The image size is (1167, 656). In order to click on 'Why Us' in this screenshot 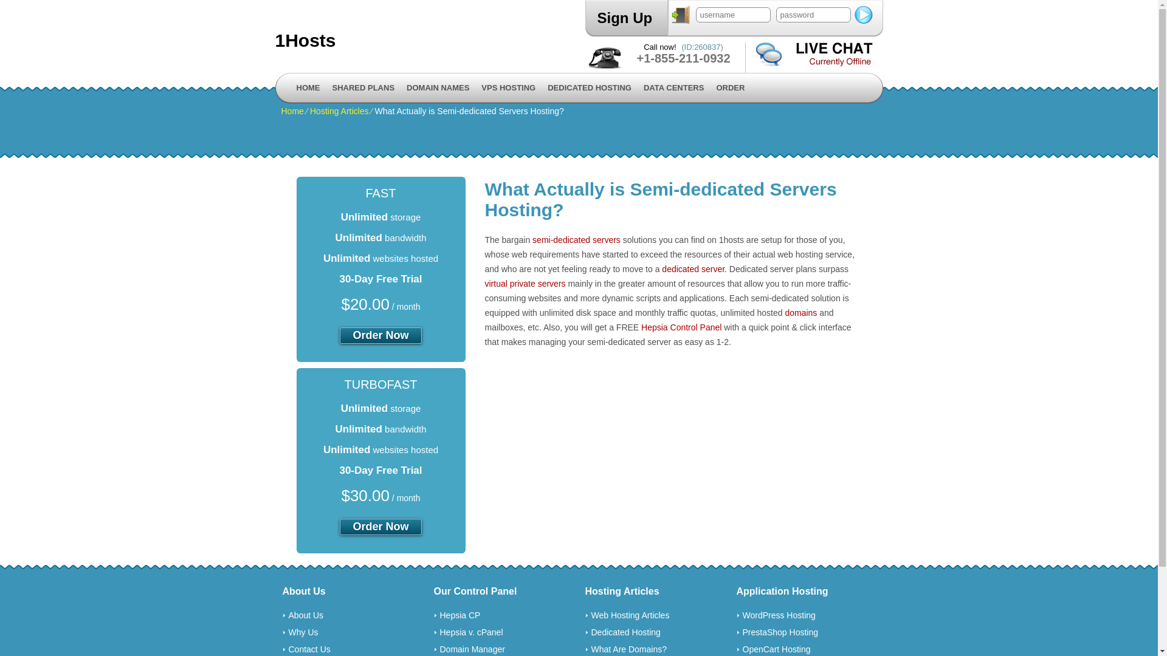, I will do `click(303, 632)`.